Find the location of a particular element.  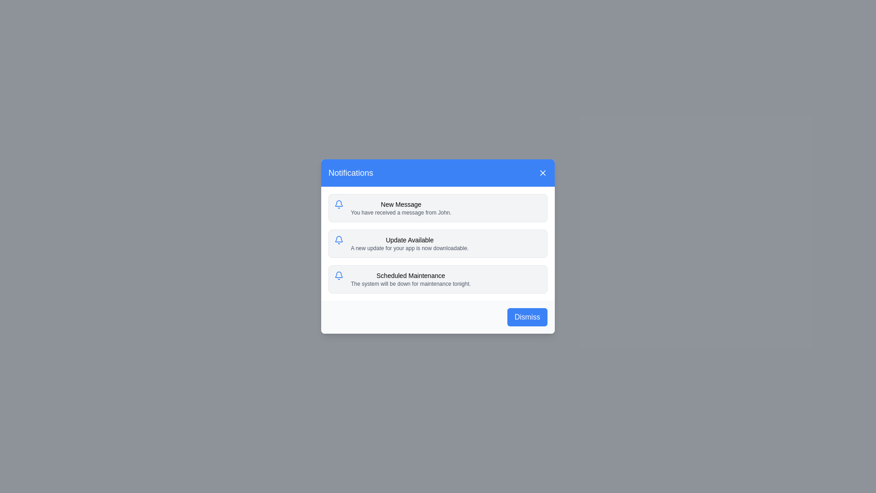

text label displaying 'New Message' in a bold font located in the notification dialog box at the top of the first notification entry is located at coordinates (401, 204).